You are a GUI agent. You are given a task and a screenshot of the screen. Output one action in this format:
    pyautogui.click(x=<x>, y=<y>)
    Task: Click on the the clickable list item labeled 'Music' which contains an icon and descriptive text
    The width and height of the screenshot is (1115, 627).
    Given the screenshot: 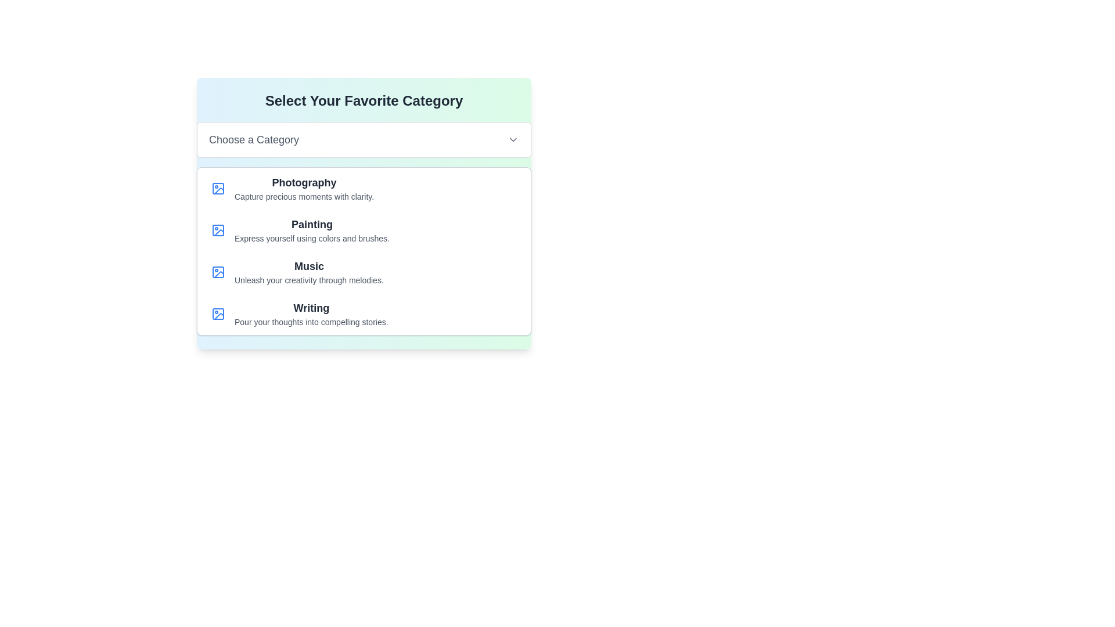 What is the action you would take?
    pyautogui.click(x=364, y=272)
    